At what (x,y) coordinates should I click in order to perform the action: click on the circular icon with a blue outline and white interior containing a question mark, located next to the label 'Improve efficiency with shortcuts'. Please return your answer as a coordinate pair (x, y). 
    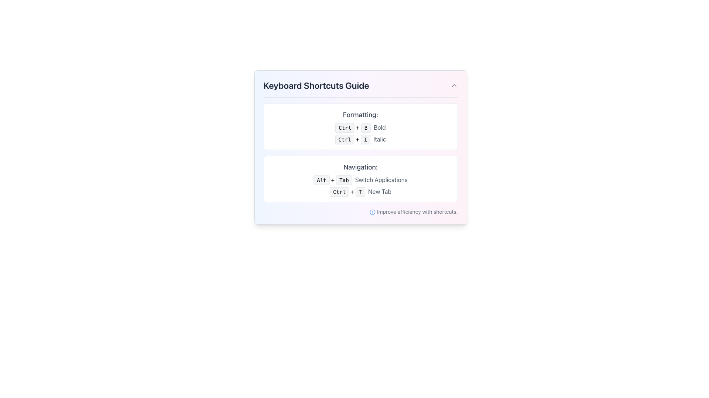
    Looking at the image, I should click on (372, 212).